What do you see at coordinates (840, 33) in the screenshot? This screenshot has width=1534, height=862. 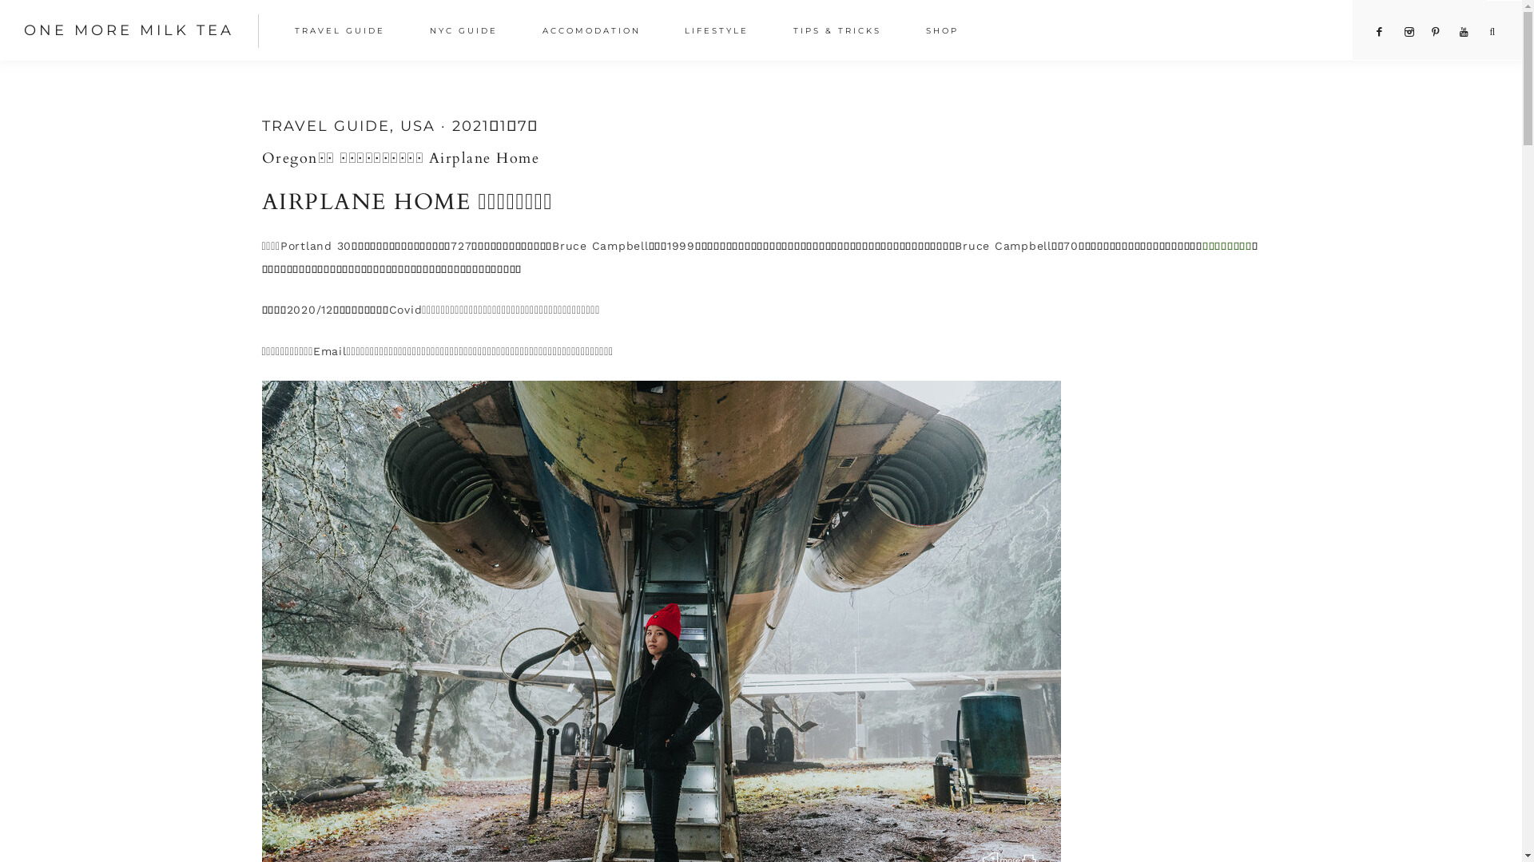 I see `'TIPS & TRICKS'` at bounding box center [840, 33].